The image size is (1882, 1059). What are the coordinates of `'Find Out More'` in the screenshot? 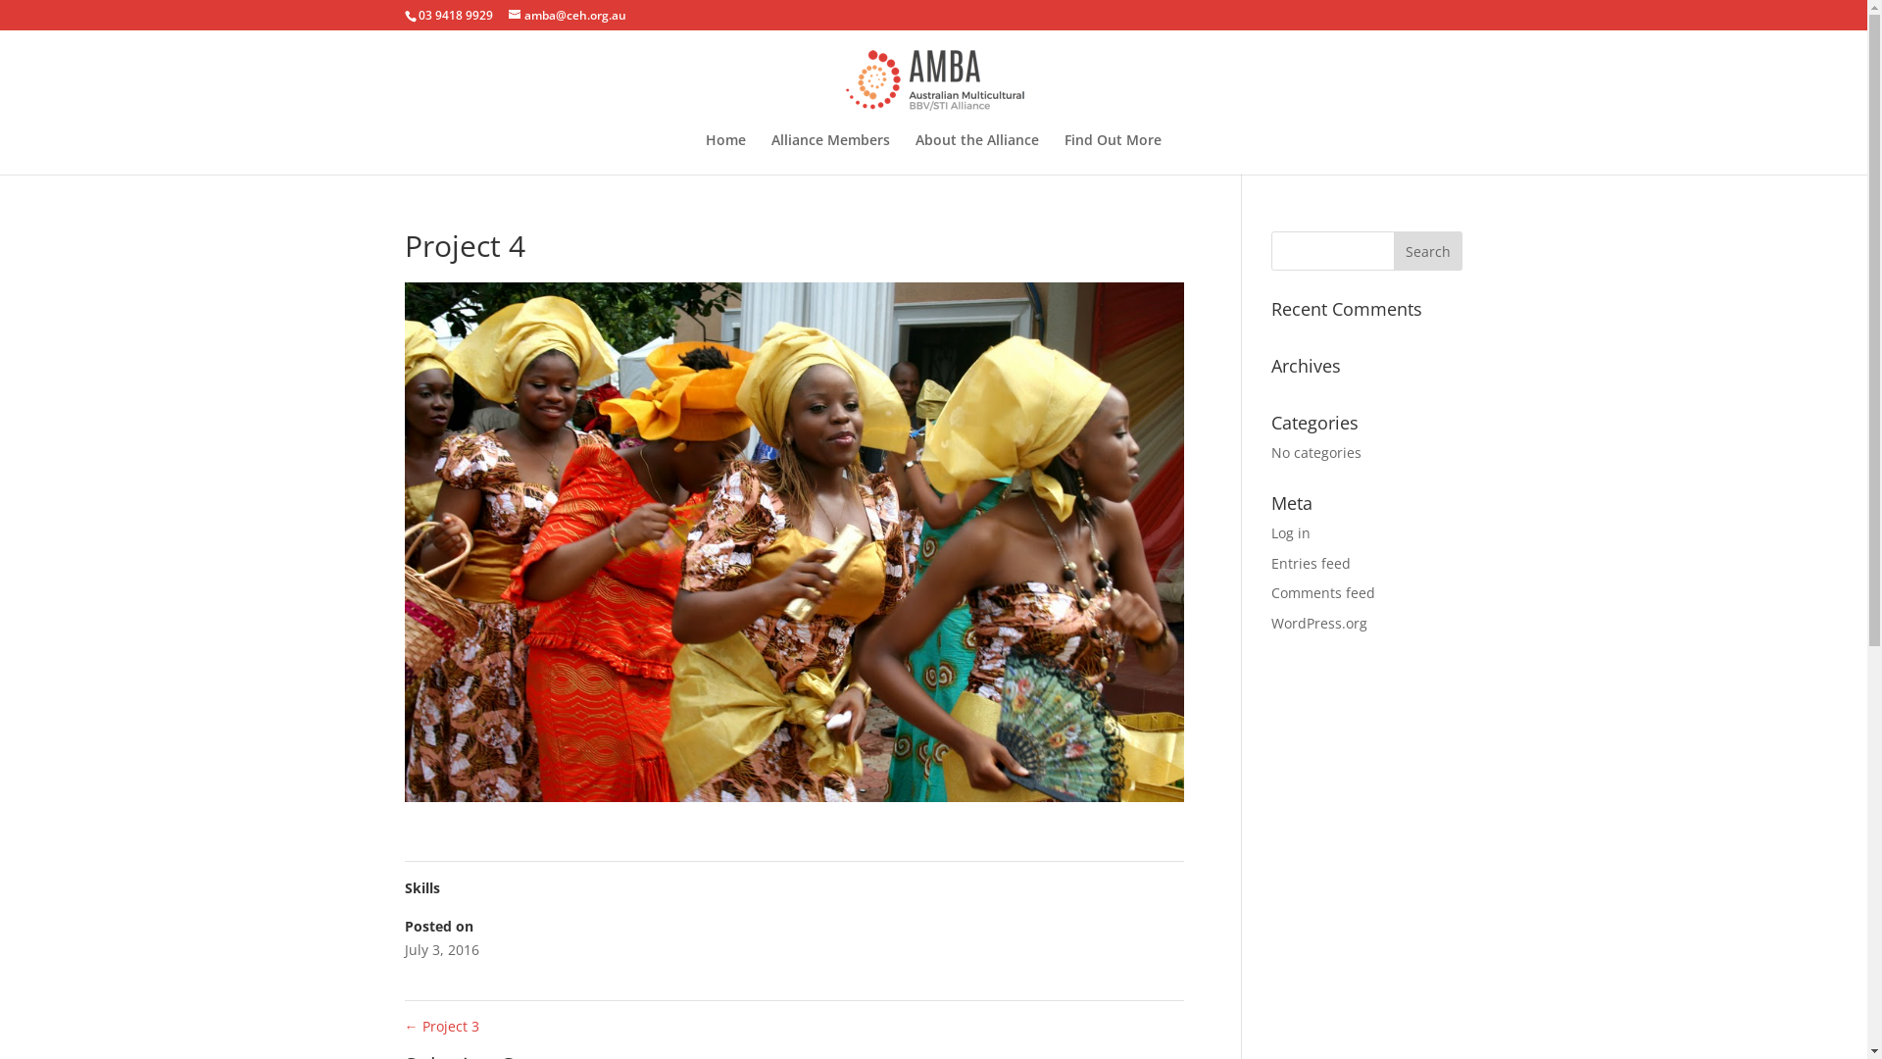 It's located at (1113, 153).